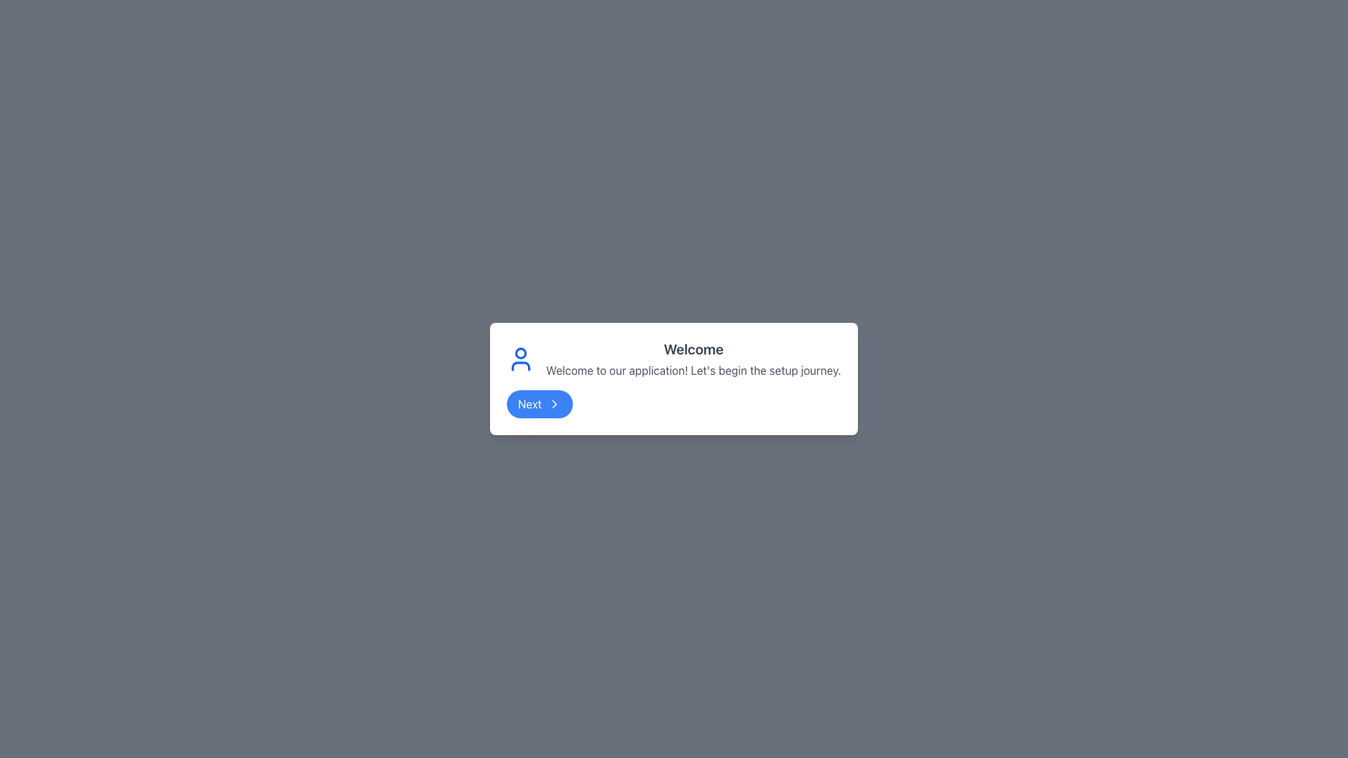 This screenshot has height=758, width=1348. I want to click on the right-pointing chevron icon located next to the 'Next' text on a blue button for navigation indication, so click(553, 404).